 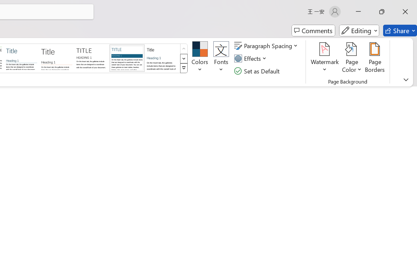 What do you see at coordinates (183, 58) in the screenshot?
I see `'Row Down'` at bounding box center [183, 58].